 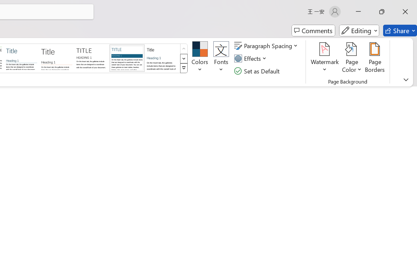 What do you see at coordinates (183, 58) in the screenshot?
I see `'Row Down'` at bounding box center [183, 58].